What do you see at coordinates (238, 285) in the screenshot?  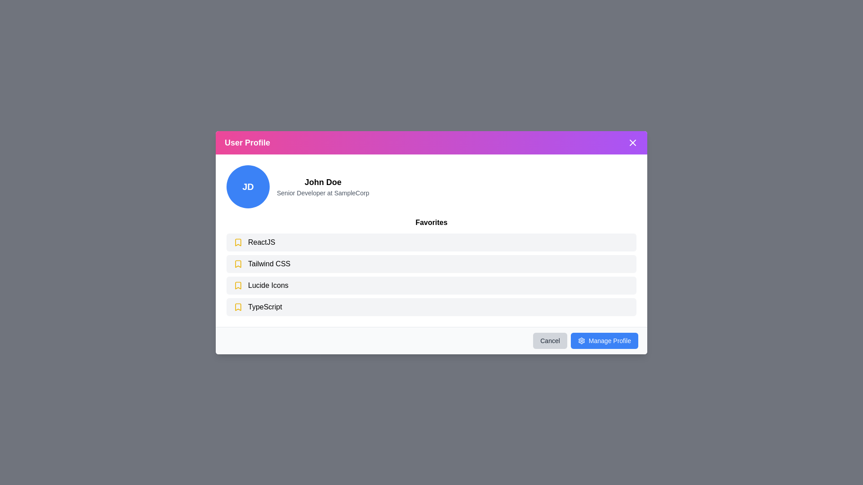 I see `the yellow bookmark icon located next to the text 'Lucide Icons' in the 'Favorites' section of the 'User Profile' dialog` at bounding box center [238, 285].